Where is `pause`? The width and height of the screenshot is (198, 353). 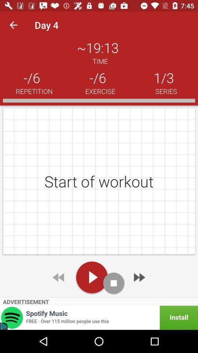 pause is located at coordinates (114, 283).